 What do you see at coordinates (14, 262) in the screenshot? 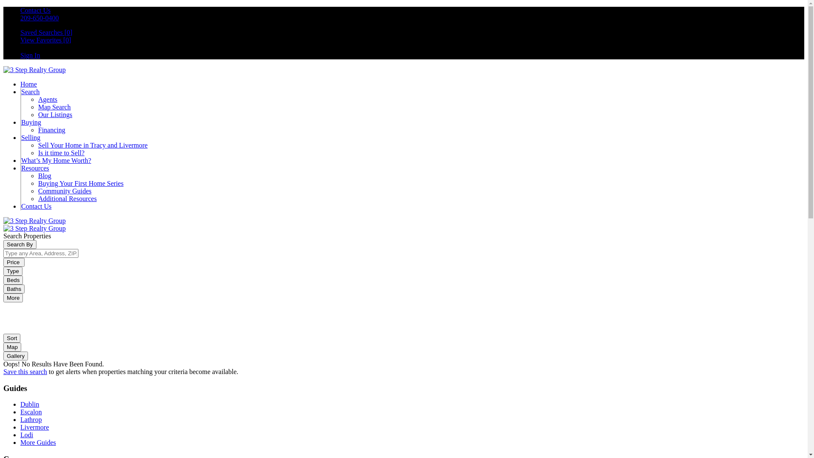
I see `'Price '` at bounding box center [14, 262].